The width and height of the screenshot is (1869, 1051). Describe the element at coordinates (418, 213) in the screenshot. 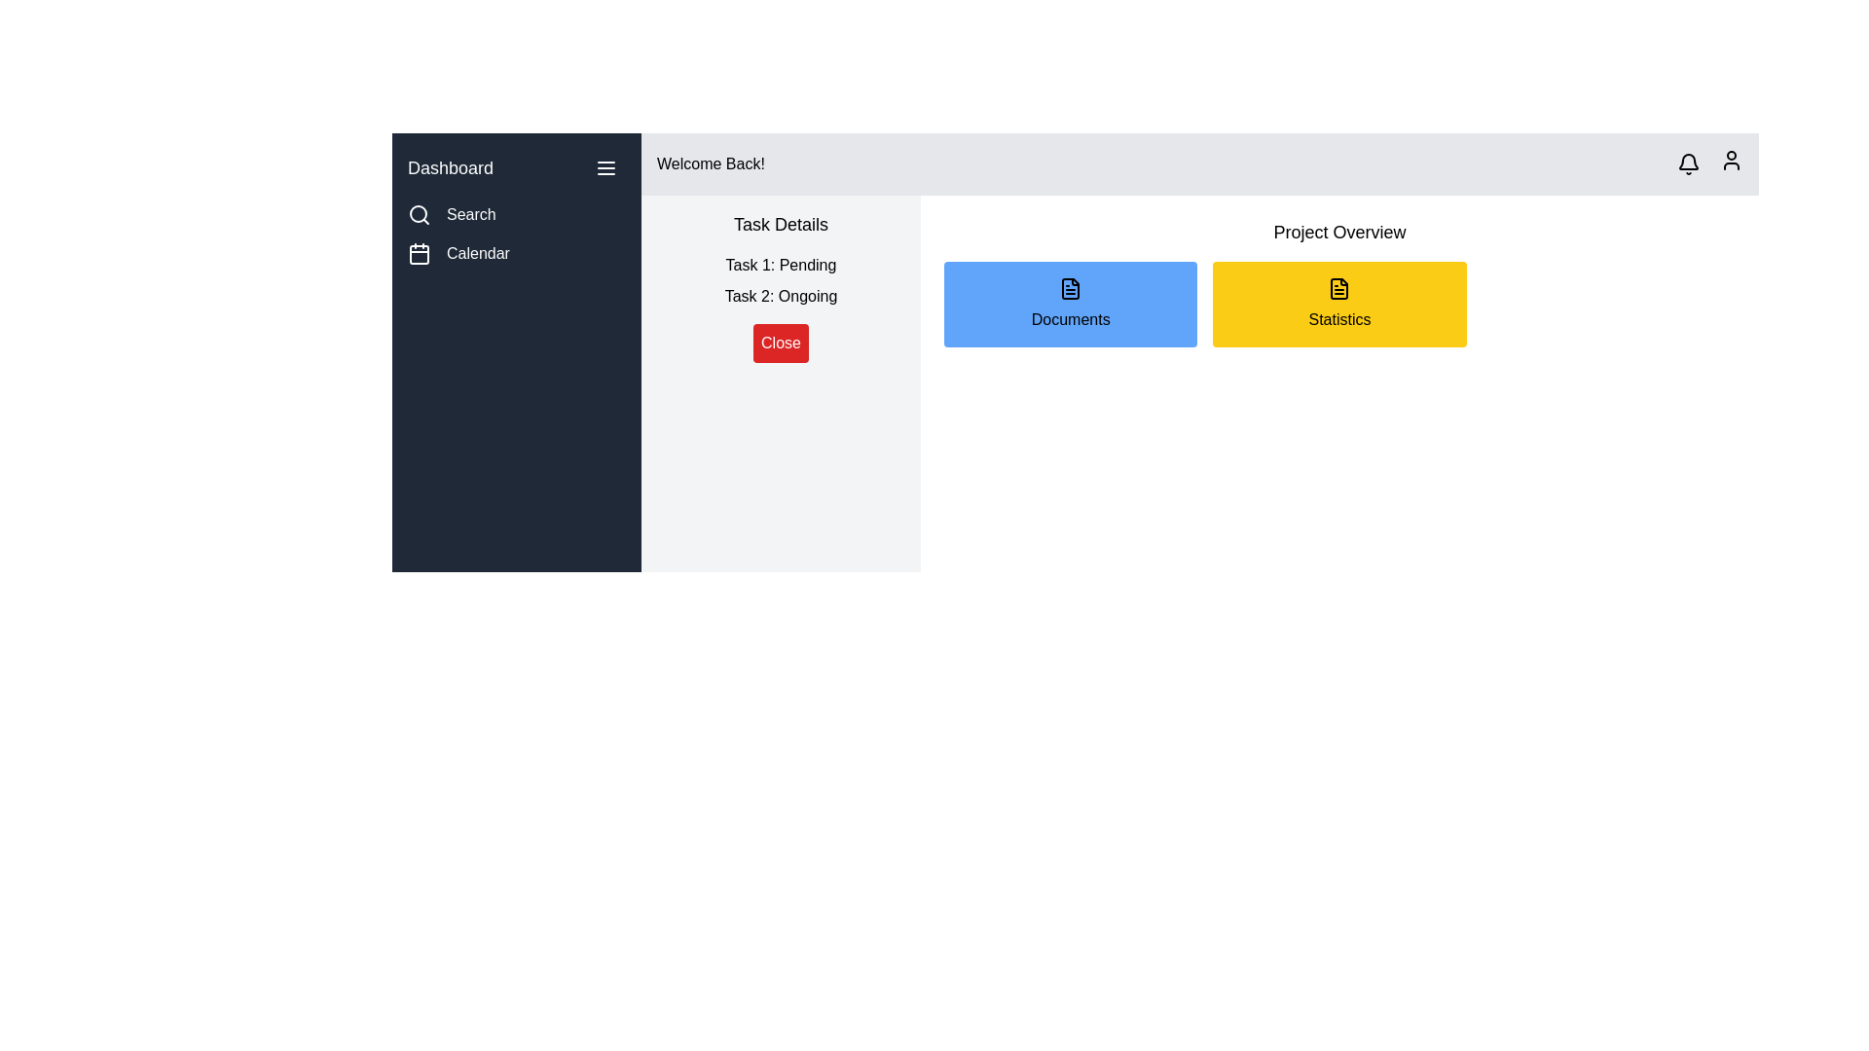

I see `the inner circular part of the search icon located in the sidebar region, next to the 'Search' label` at that location.